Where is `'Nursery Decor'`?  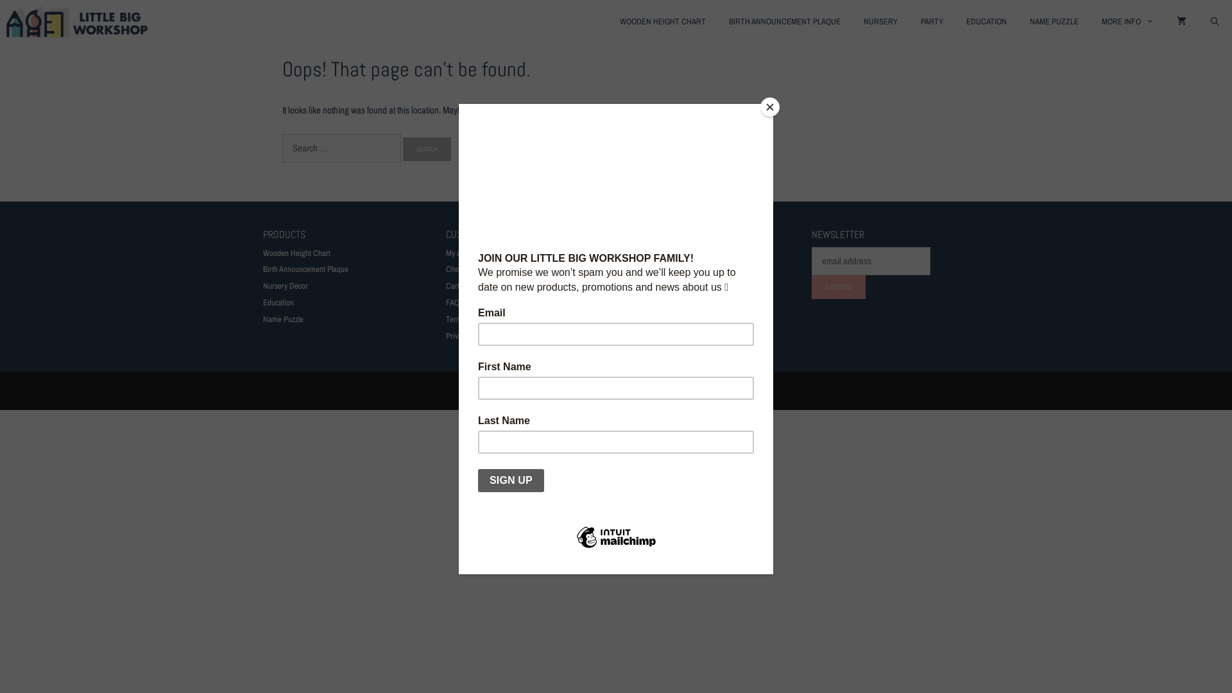 'Nursery Decor' is located at coordinates (285, 285).